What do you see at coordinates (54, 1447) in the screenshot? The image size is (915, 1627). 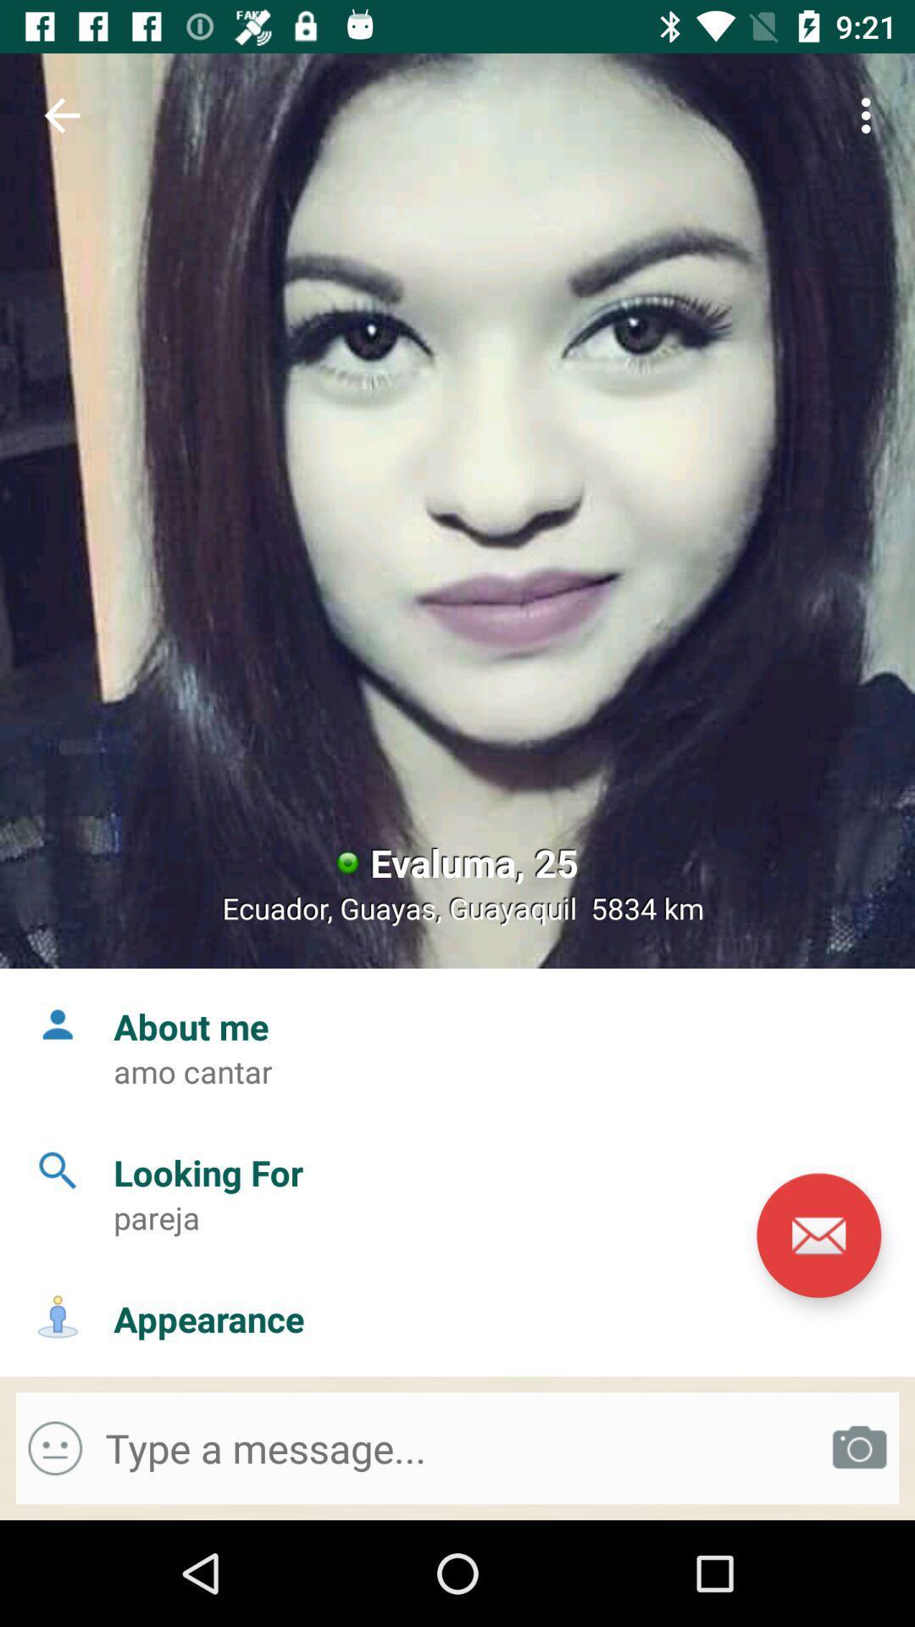 I see `the emoji icon` at bounding box center [54, 1447].